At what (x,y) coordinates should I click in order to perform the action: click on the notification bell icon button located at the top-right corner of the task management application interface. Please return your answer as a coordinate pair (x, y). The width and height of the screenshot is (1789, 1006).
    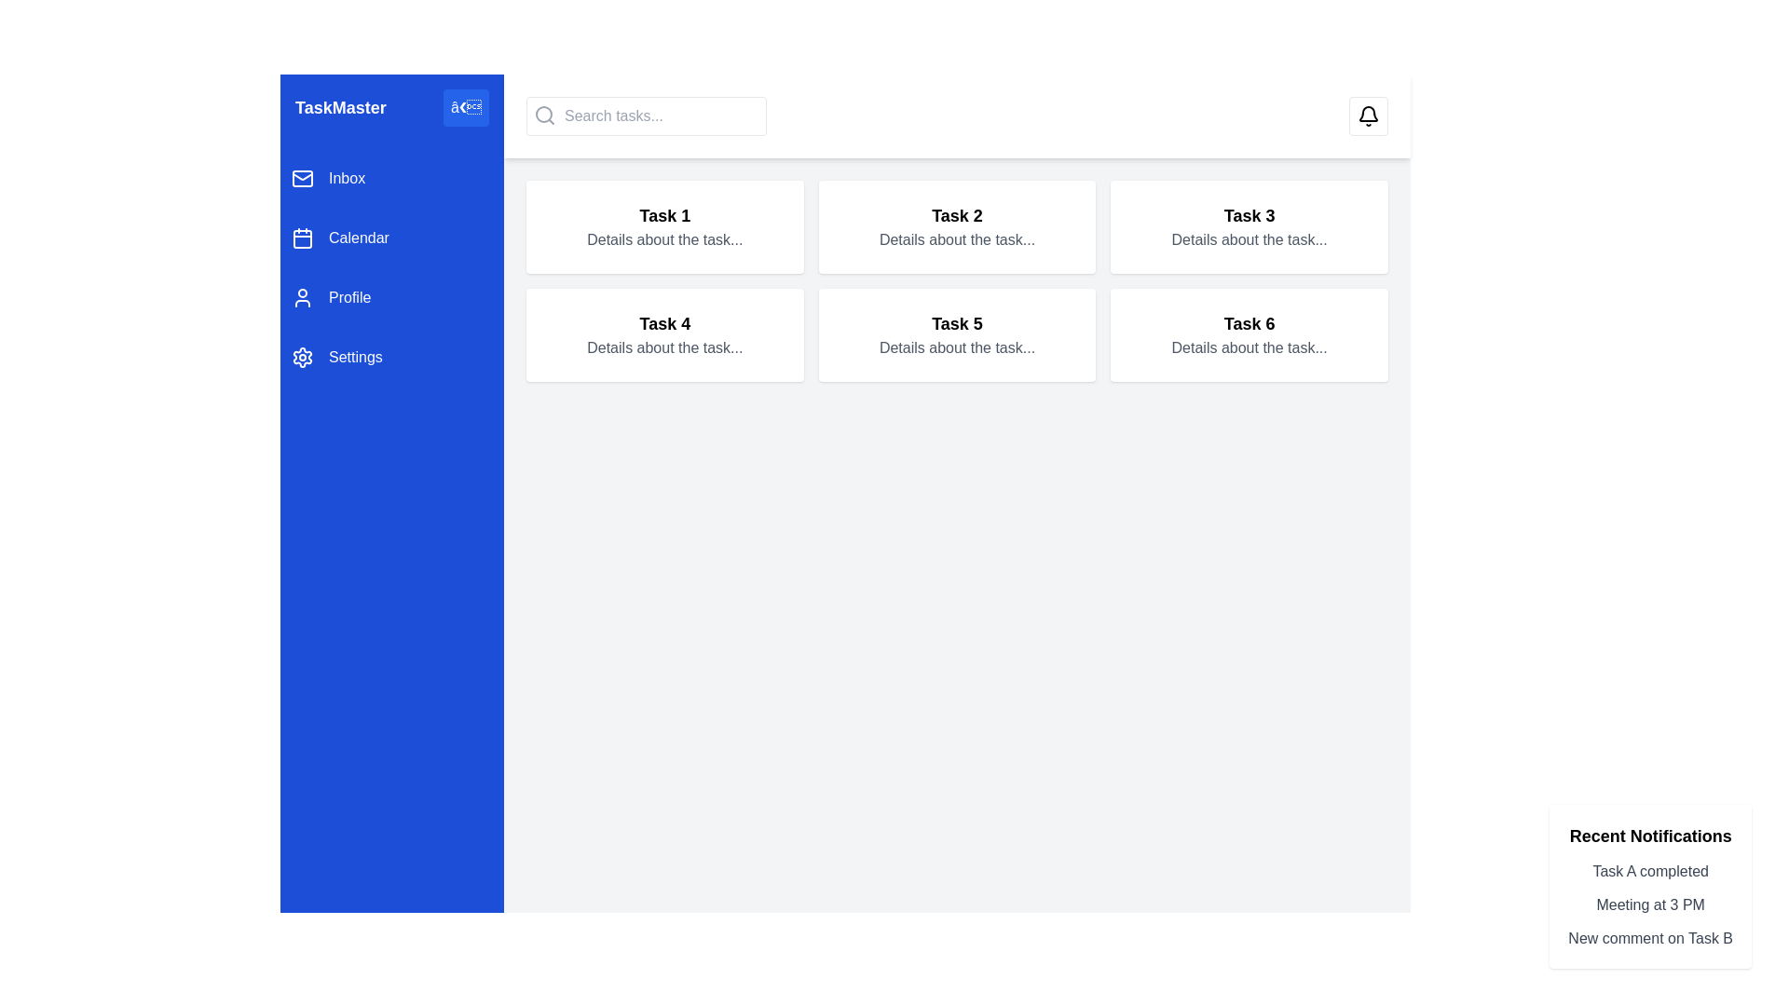
    Looking at the image, I should click on (1368, 116).